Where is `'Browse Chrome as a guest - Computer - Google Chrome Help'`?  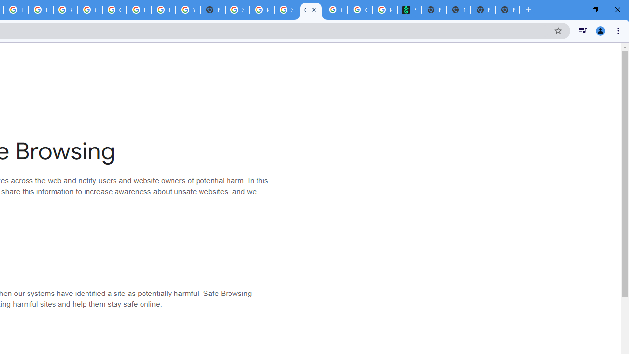
'Browse Chrome as a guest - Computer - Google Chrome Help' is located at coordinates (139, 10).